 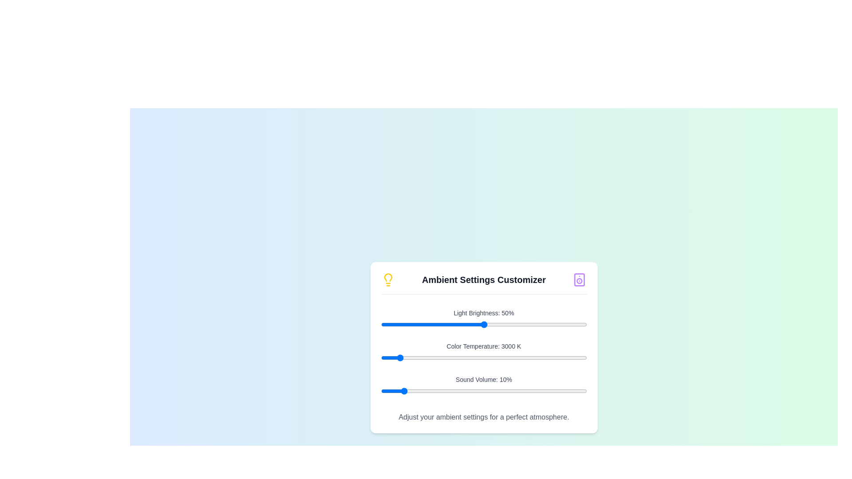 What do you see at coordinates (404, 357) in the screenshot?
I see `color temperature` at bounding box center [404, 357].